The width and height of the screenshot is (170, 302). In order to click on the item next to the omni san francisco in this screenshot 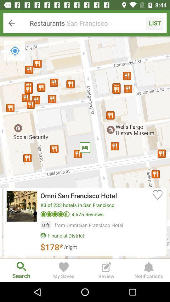, I will do `click(157, 194)`.